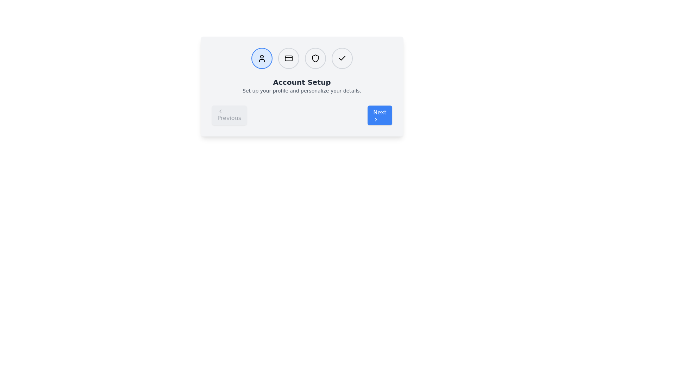 The height and width of the screenshot is (380, 676). Describe the element at coordinates (376, 119) in the screenshot. I see `the 'Next' button by clicking on the right-facing chevron icon that is centered within it` at that location.